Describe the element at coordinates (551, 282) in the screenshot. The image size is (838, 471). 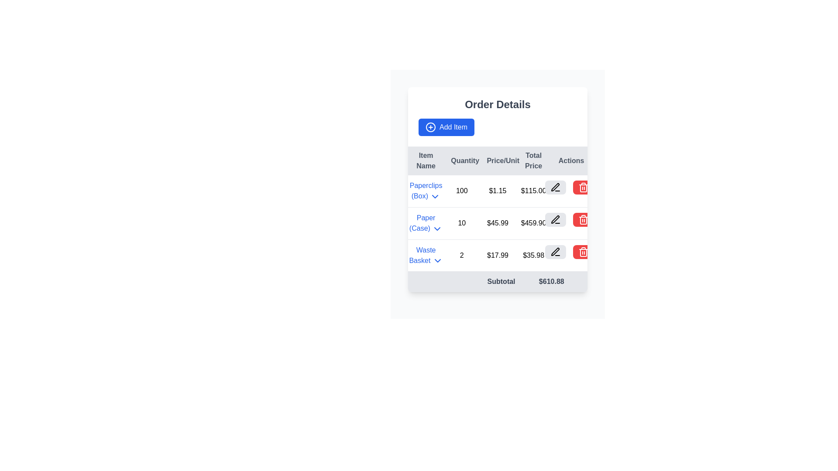
I see `the bold formatted text displaying the value '$610.88', which is positioned to the left of the label 'Subtotal' in the summary section of the table` at that location.